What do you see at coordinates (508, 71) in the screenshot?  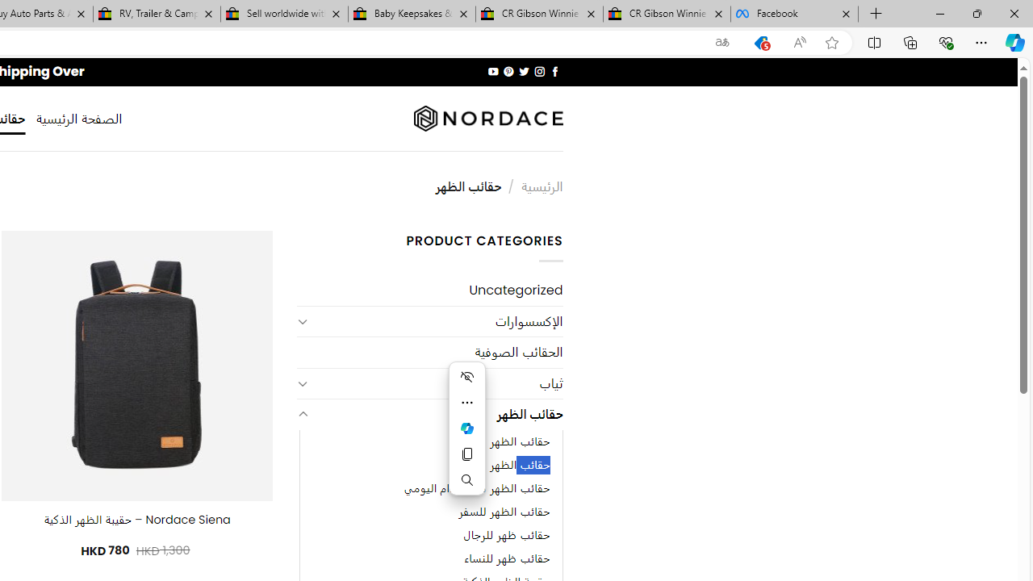 I see `'Follow on Pinterest'` at bounding box center [508, 71].